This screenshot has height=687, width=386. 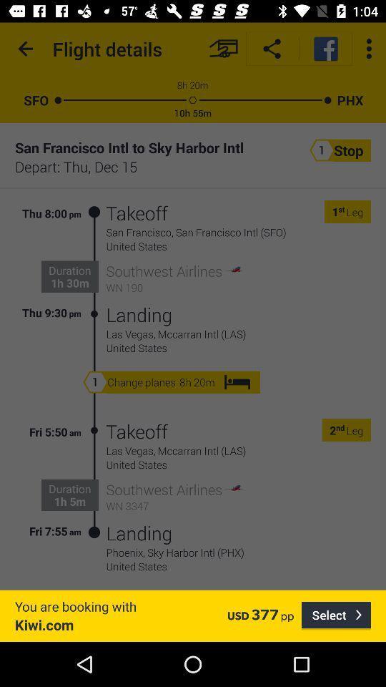 I want to click on the item to the left of the flight details, so click(x=26, y=49).